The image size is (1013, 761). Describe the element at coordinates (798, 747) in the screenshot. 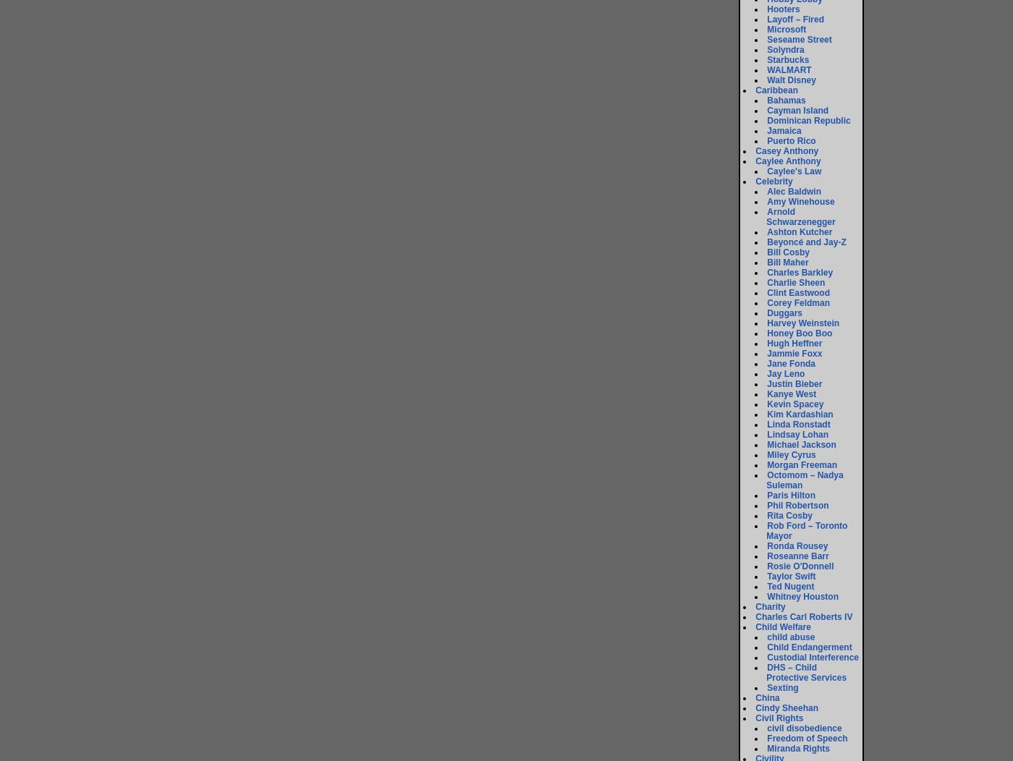

I see `'Miranda Rights'` at that location.